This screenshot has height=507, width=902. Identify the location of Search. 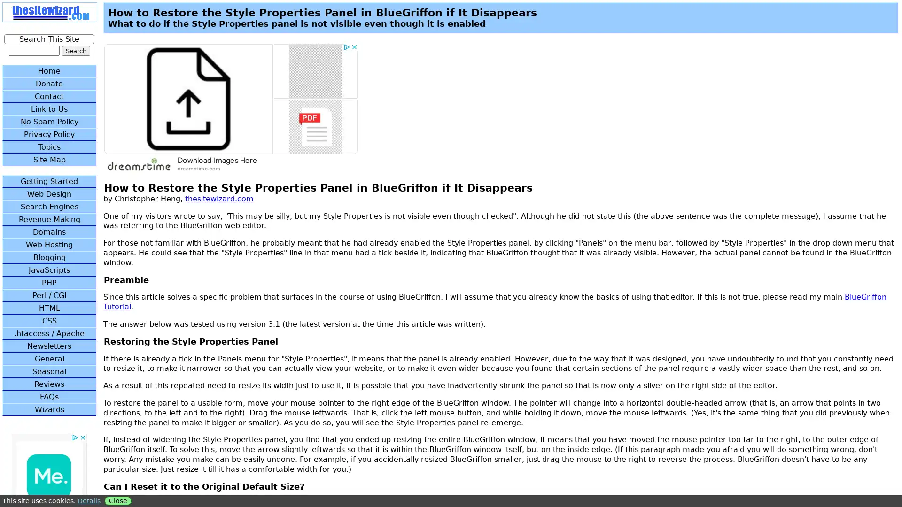
(76, 51).